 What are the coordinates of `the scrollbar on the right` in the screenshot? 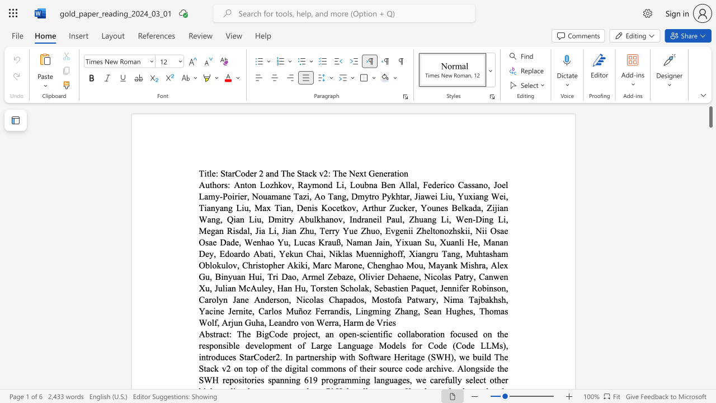 It's located at (710, 335).